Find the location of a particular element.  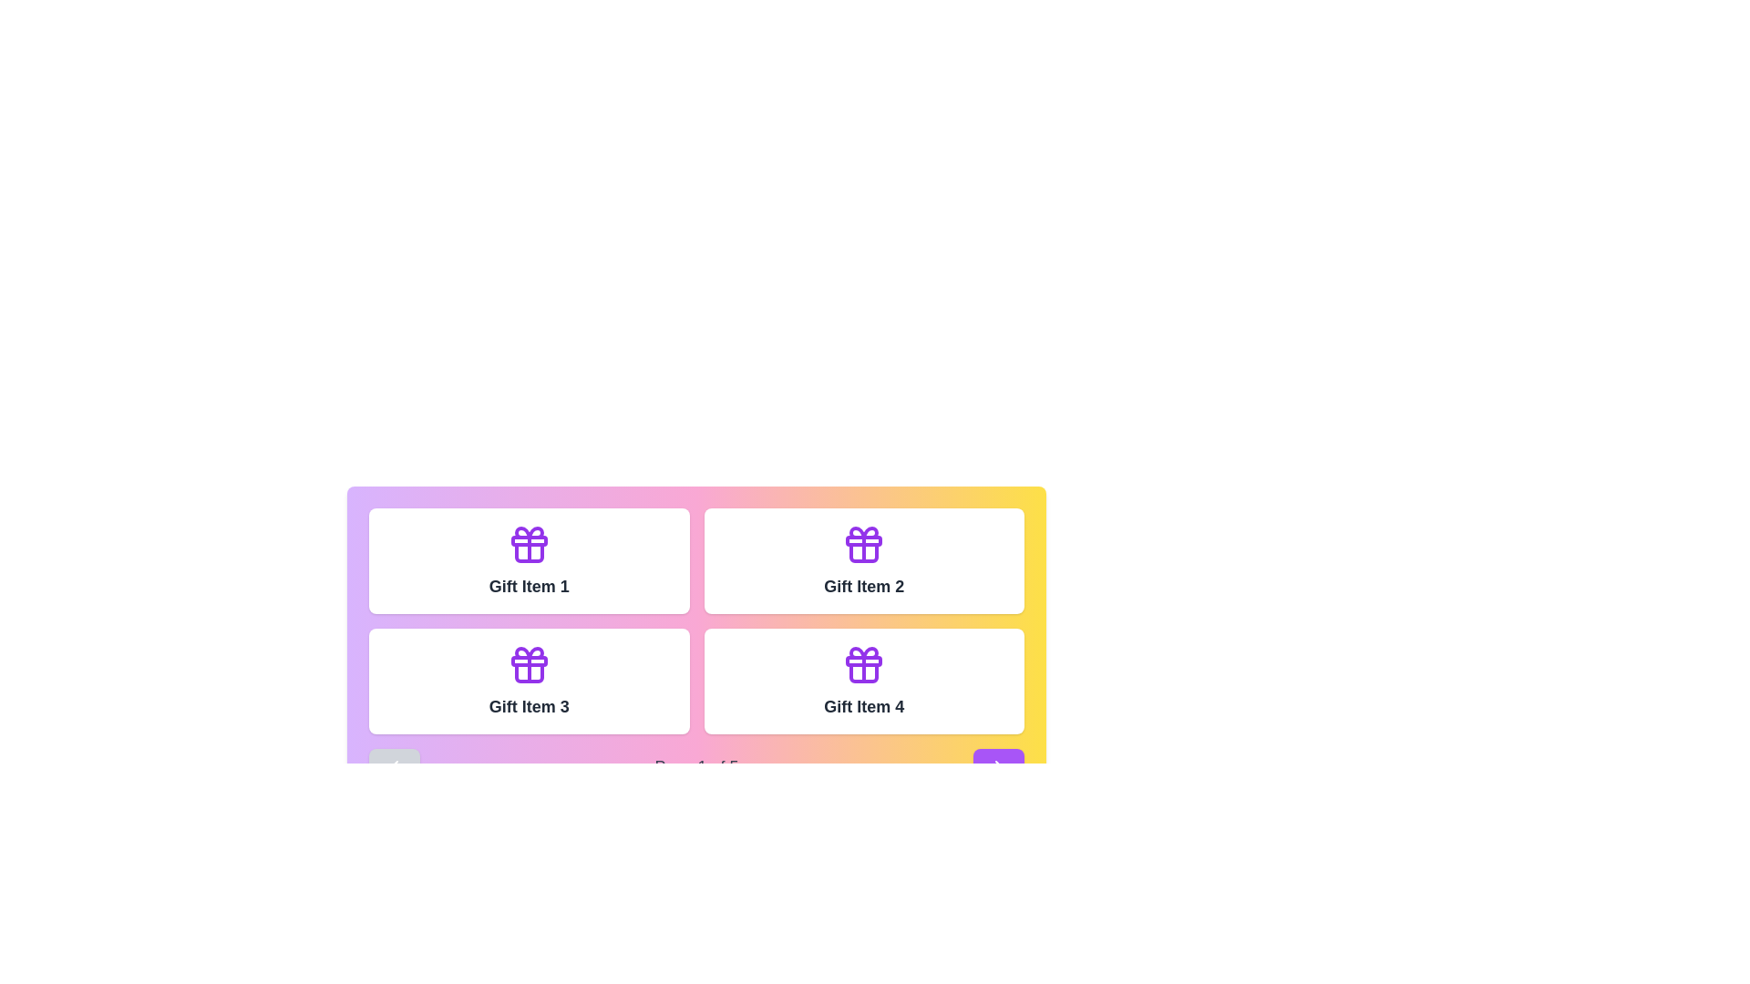

the decorative purple ribbon bar of the gift box icon for 'Gift Item 3', which is located in the lower-left quadrant of a 2x2 grid layout is located at coordinates (528, 661).